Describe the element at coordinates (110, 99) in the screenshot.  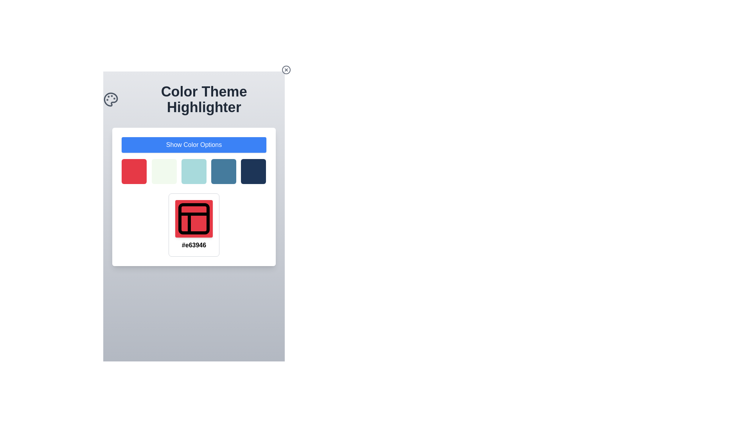
I see `the painting palette icon located to the far left of the text 'Color Theme Highlighter'` at that location.